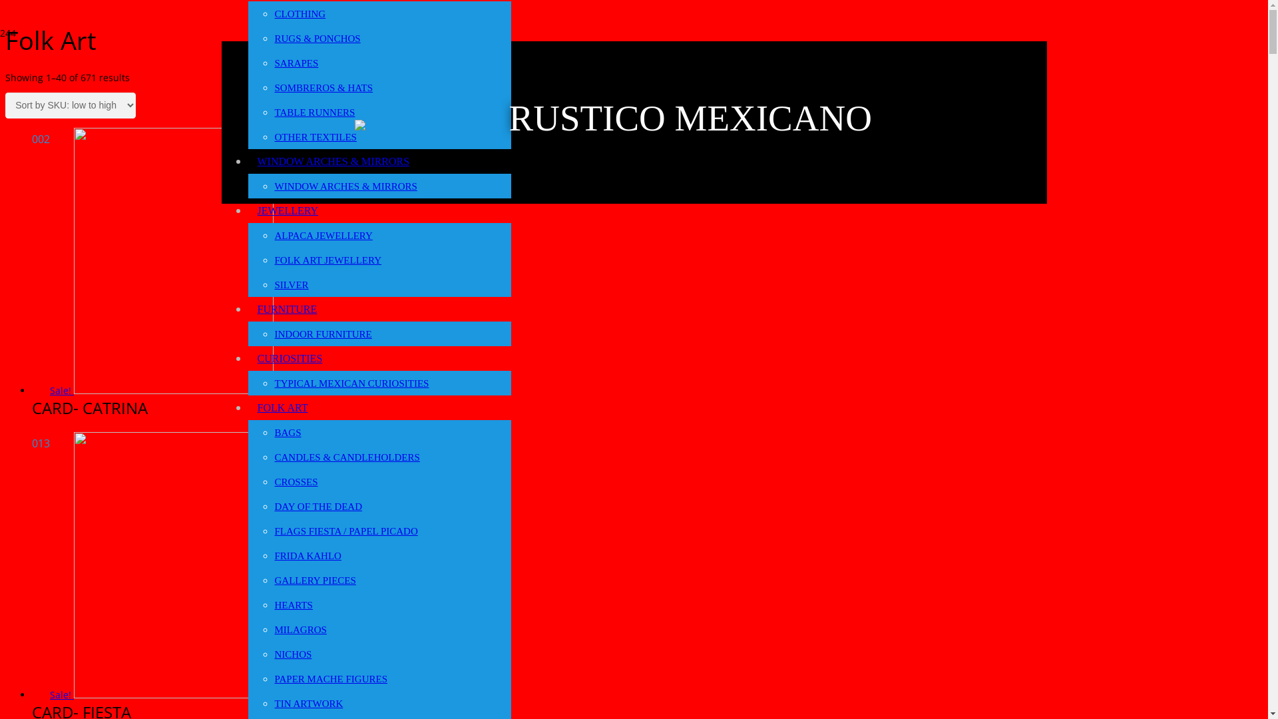 Image resolution: width=1278 pixels, height=719 pixels. Describe the element at coordinates (347, 456) in the screenshot. I see `'CANDLES & CANDLEHOLDERS'` at that location.